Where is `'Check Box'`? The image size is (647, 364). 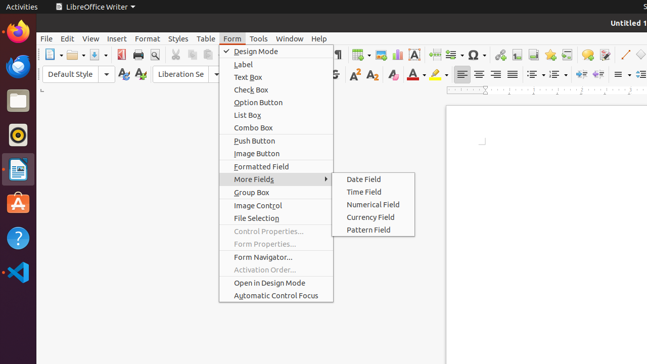
'Check Box' is located at coordinates (276, 89).